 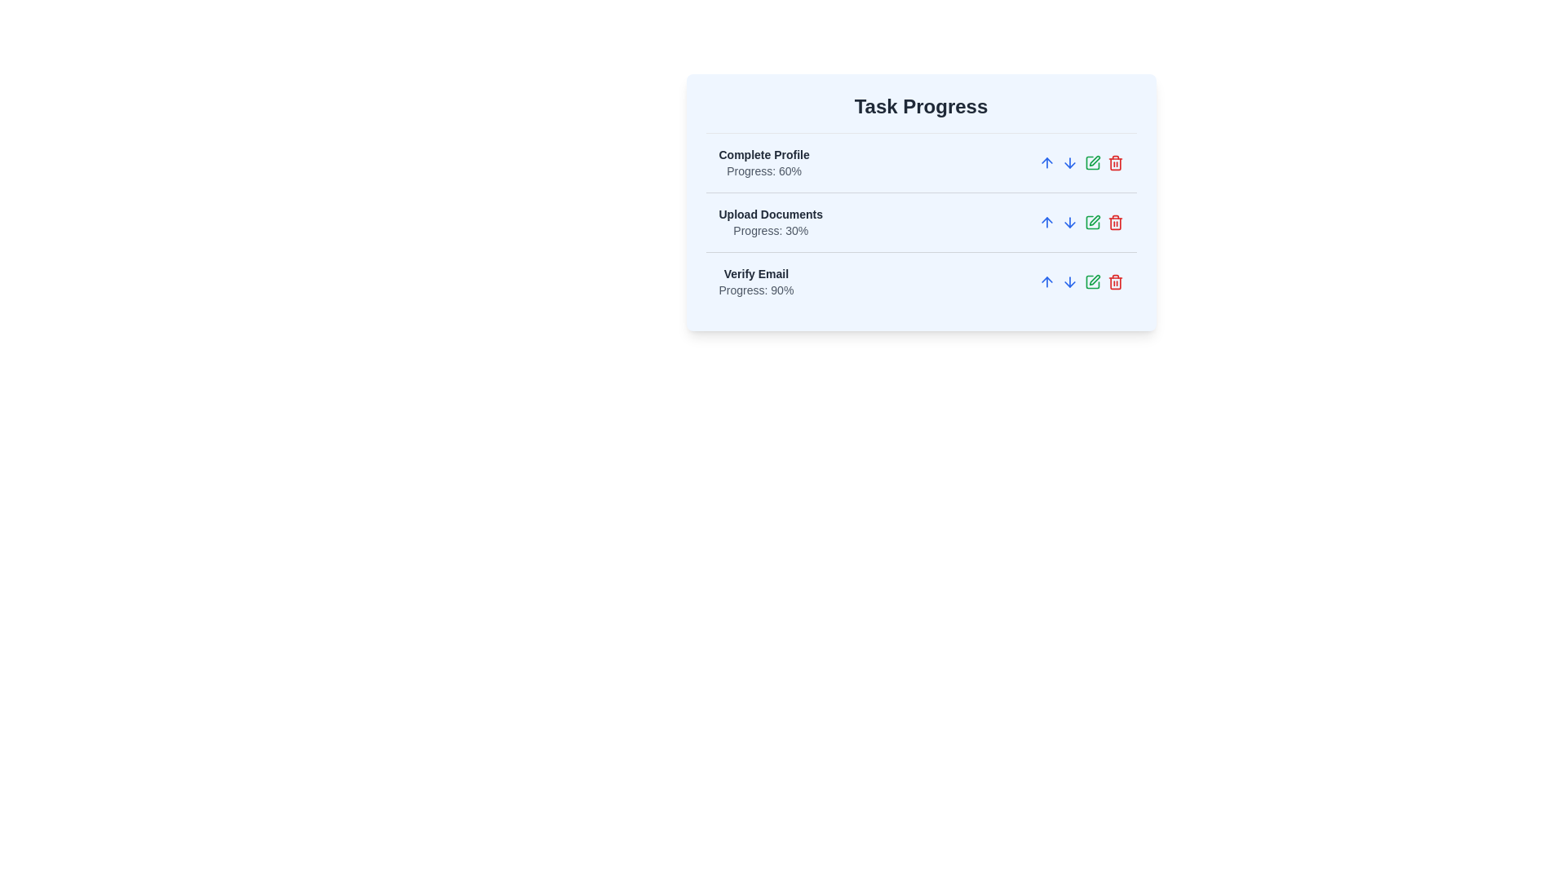 I want to click on the 'edit' button icon for the 'Verify Email' task, so click(x=1095, y=279).